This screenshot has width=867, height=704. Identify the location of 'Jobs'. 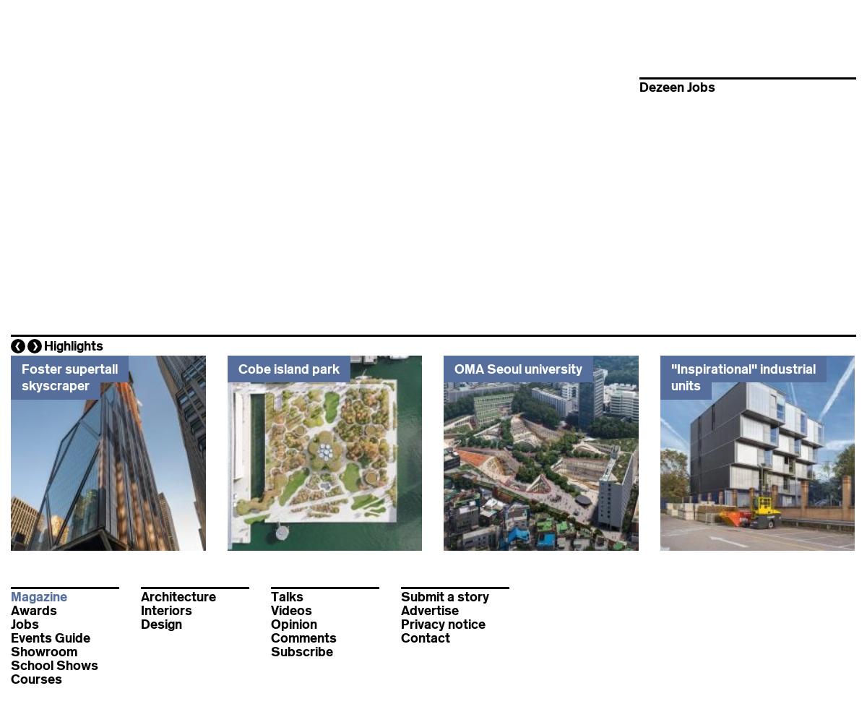
(25, 624).